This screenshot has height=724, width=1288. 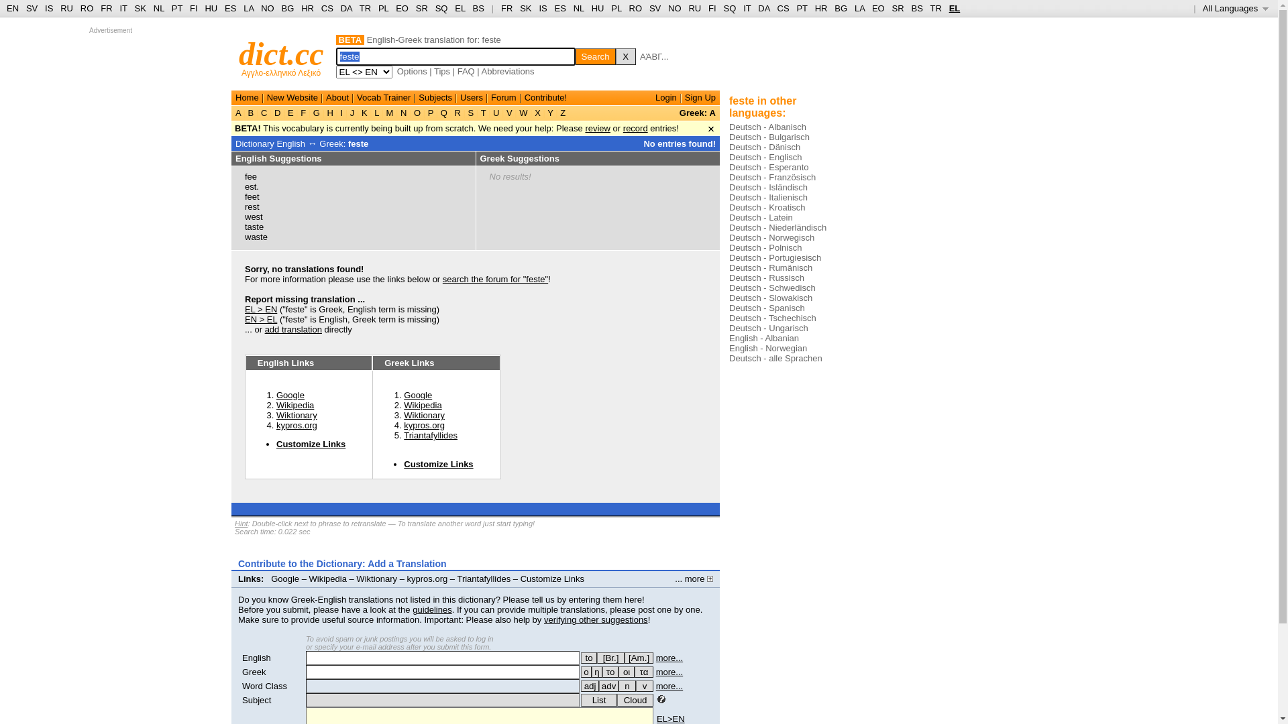 I want to click on 'J', so click(x=352, y=112).